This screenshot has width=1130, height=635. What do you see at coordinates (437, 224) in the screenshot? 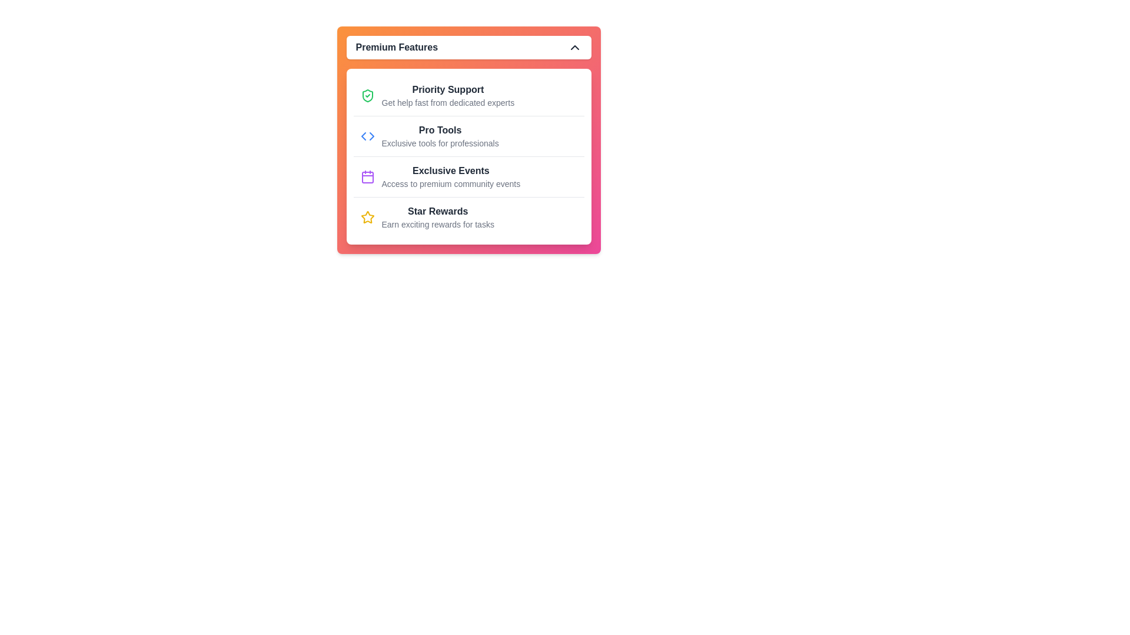
I see `explanatory text label located below the 'Star Rewards' title in the 'Premium Features' section to gather additional information about the 'Star Rewards' feature` at bounding box center [437, 224].